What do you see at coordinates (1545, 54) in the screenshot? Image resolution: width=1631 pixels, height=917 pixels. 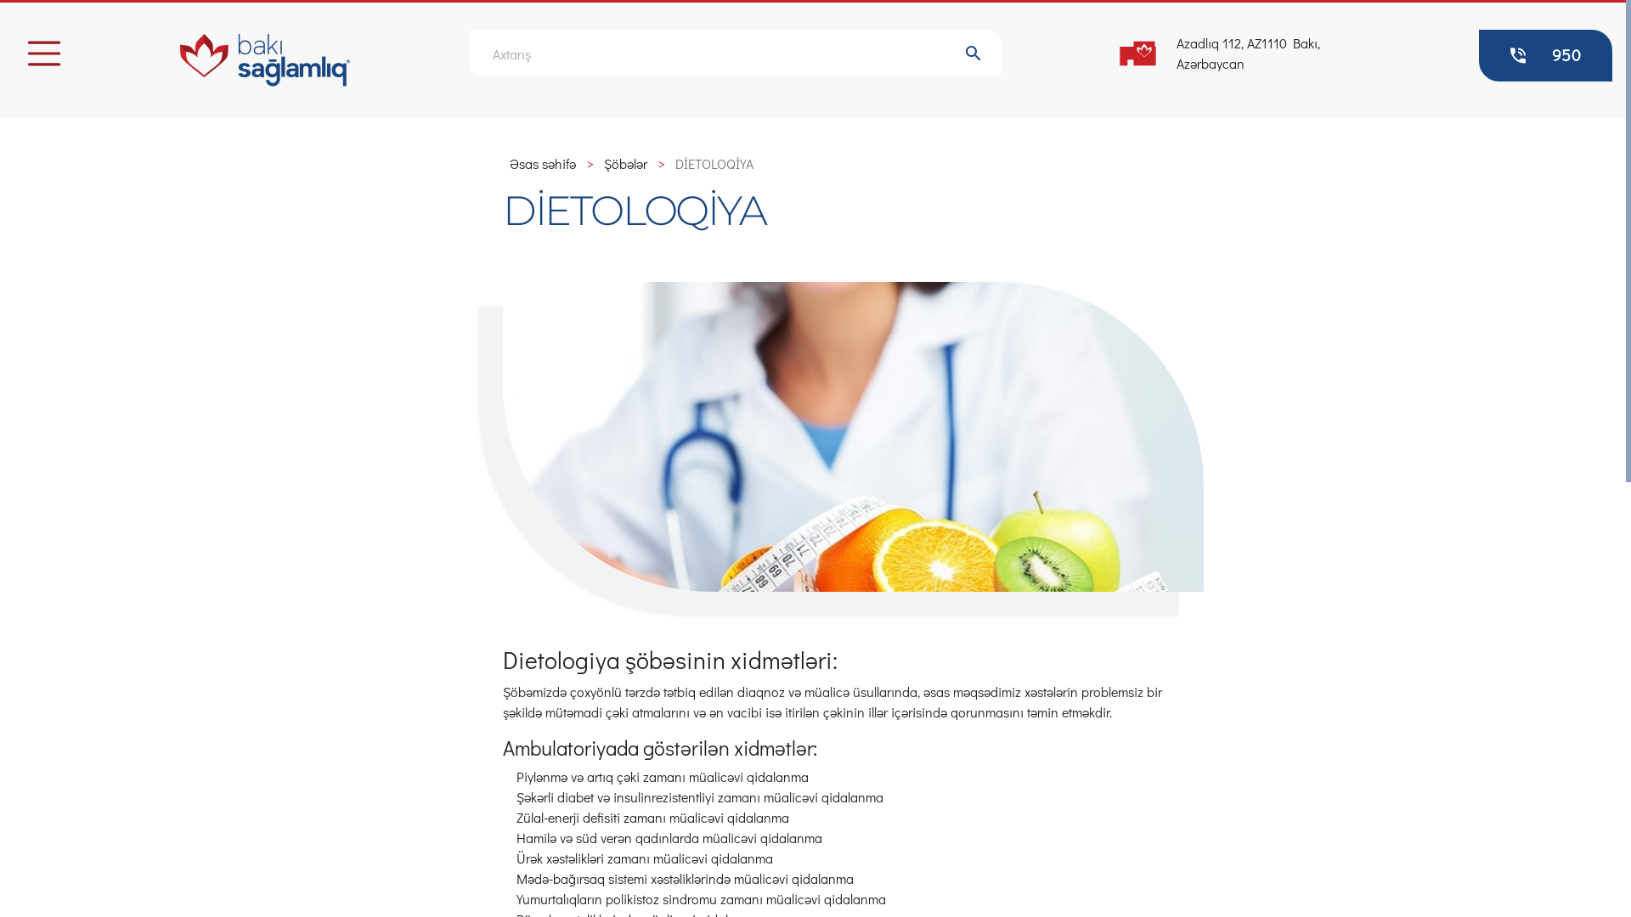 I see `'950'` at bounding box center [1545, 54].